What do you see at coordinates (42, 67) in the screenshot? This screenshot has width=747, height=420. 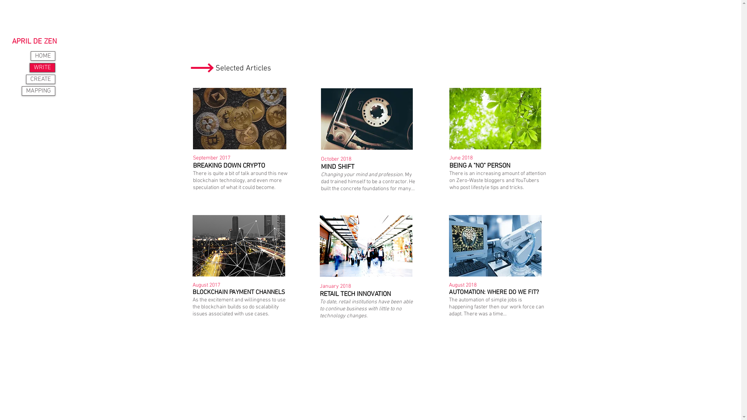 I see `'WRITE'` at bounding box center [42, 67].